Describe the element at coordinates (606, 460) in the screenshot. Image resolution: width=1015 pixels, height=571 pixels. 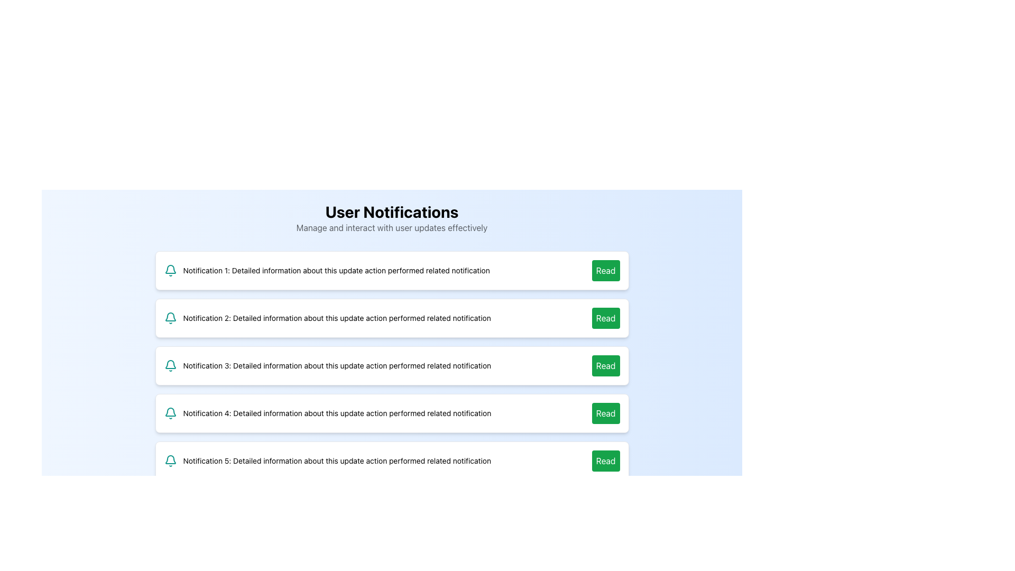
I see `the 'Read' button with a green background, located in the last notification block labeled 'Notification 5: Detailed information about this update action performed related notification'` at that location.